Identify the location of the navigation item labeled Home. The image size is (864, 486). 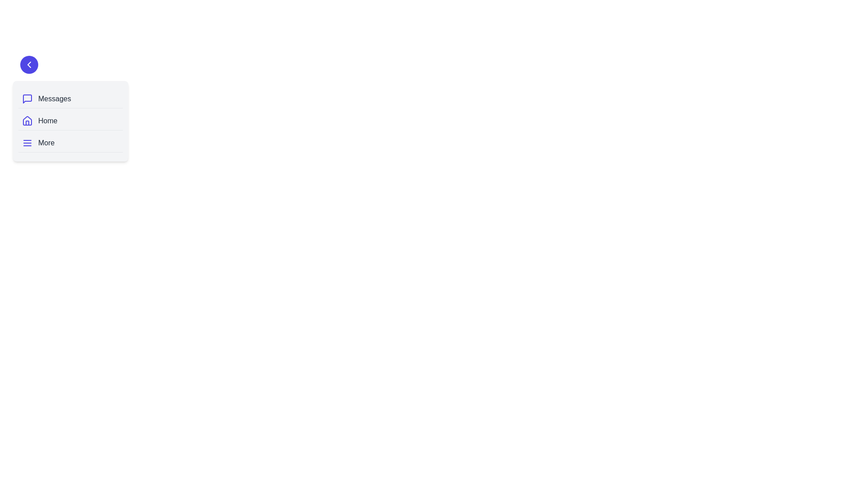
(70, 121).